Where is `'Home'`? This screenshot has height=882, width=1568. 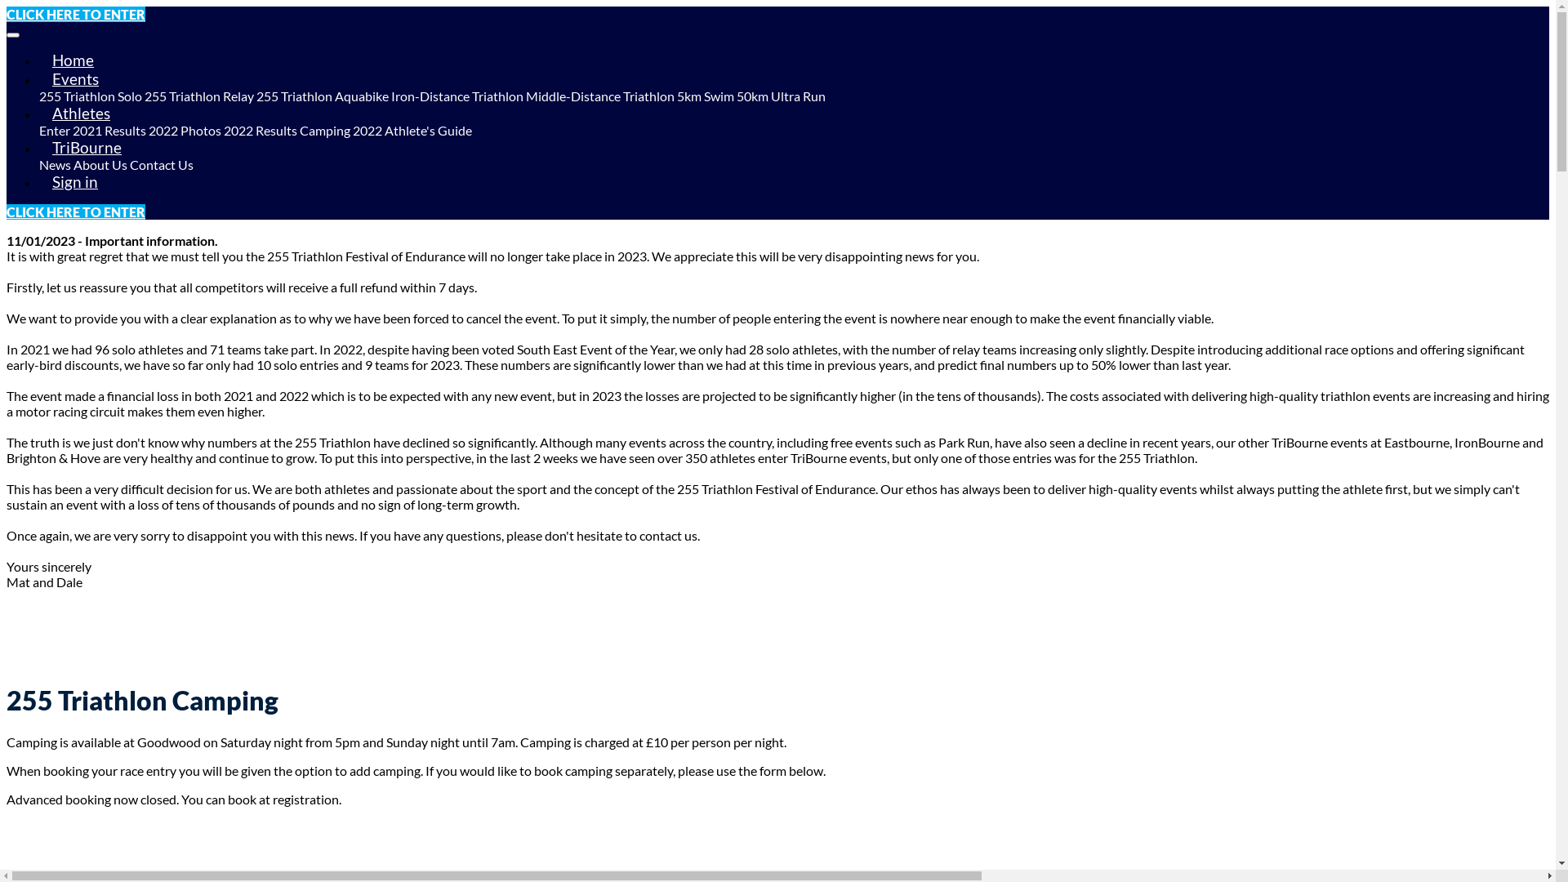 'Home' is located at coordinates (72, 59).